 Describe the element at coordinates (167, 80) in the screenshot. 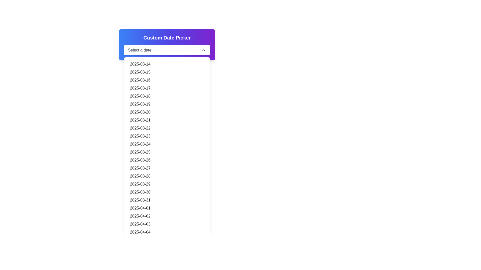

I see `the selectable date '2025-03-16' in the date picker dropdown list` at that location.